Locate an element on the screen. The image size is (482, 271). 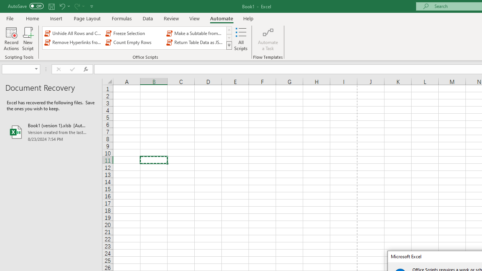
'Count Empty Rows' is located at coordinates (134, 43).